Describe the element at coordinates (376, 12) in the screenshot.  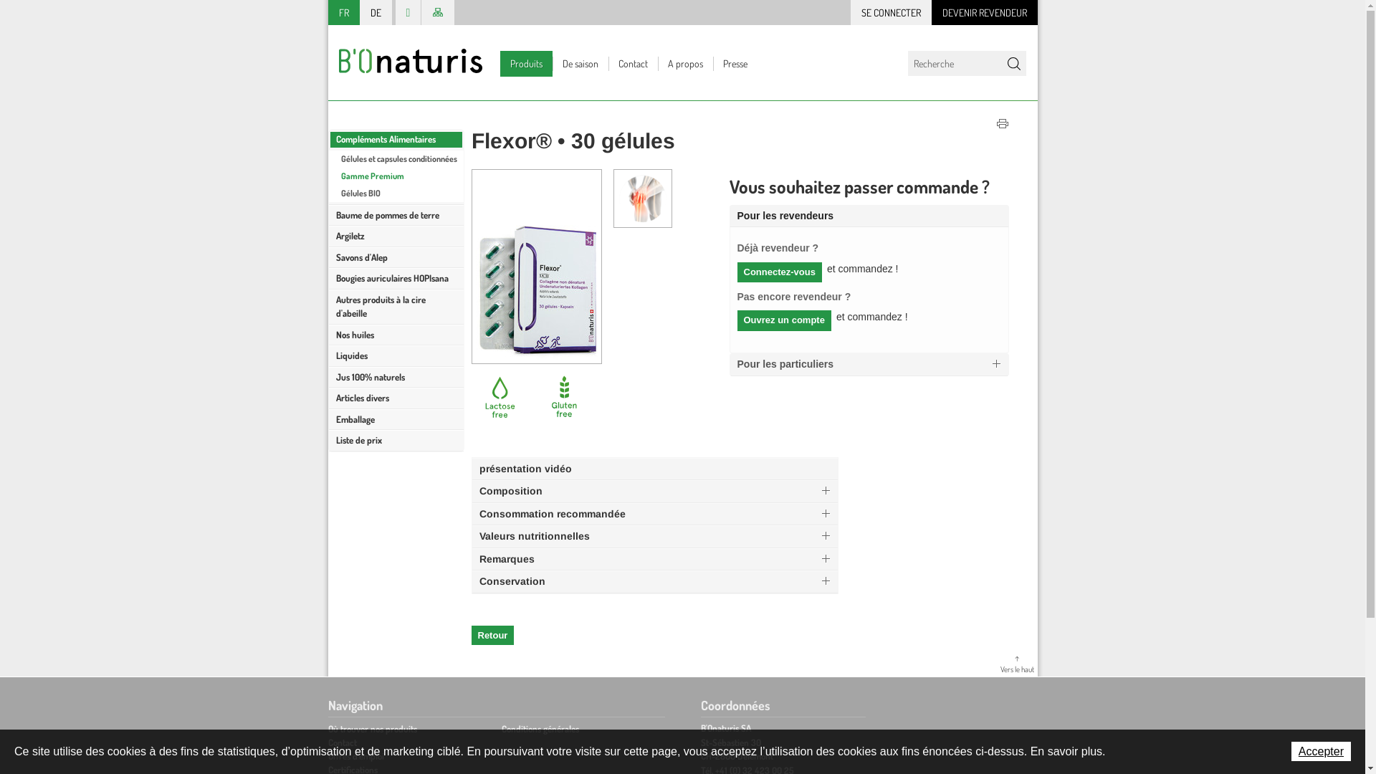
I see `'DE'` at that location.